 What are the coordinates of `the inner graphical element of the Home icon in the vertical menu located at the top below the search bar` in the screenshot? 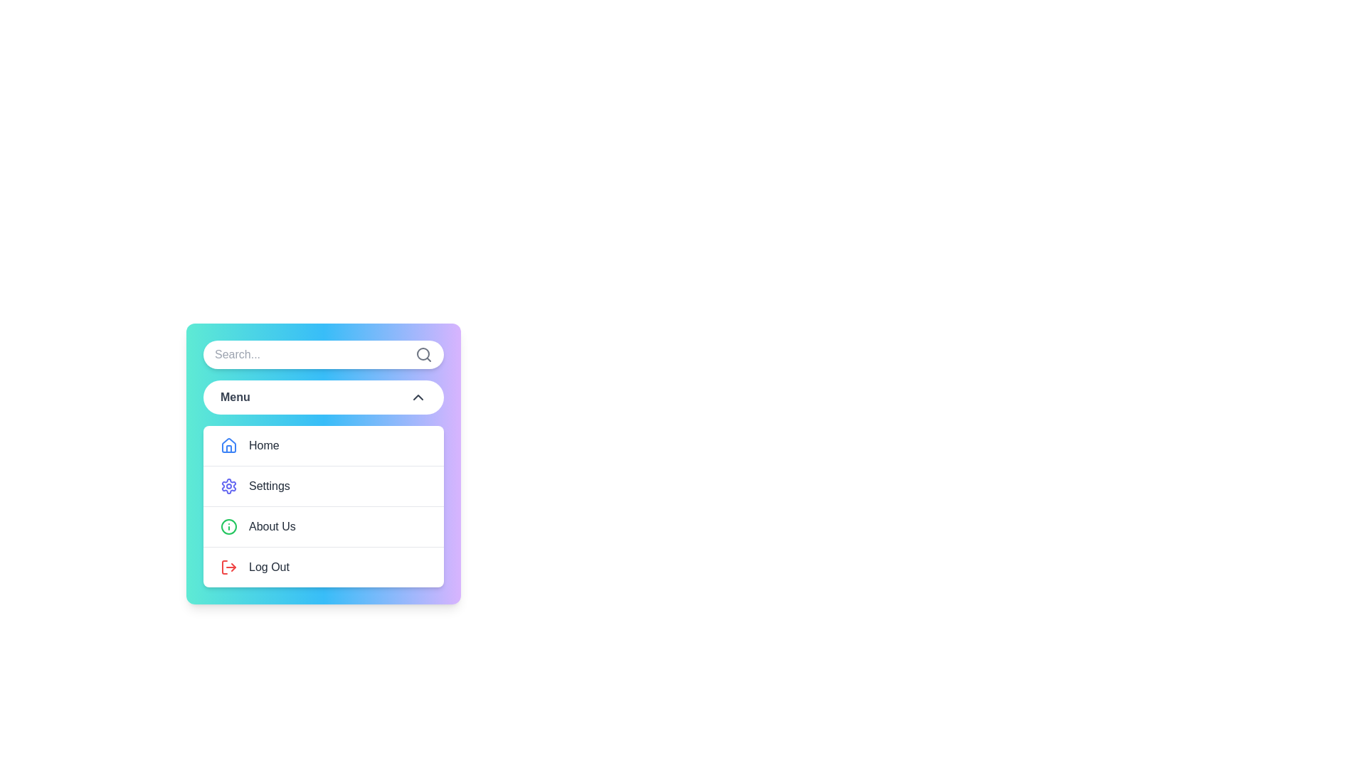 It's located at (228, 449).